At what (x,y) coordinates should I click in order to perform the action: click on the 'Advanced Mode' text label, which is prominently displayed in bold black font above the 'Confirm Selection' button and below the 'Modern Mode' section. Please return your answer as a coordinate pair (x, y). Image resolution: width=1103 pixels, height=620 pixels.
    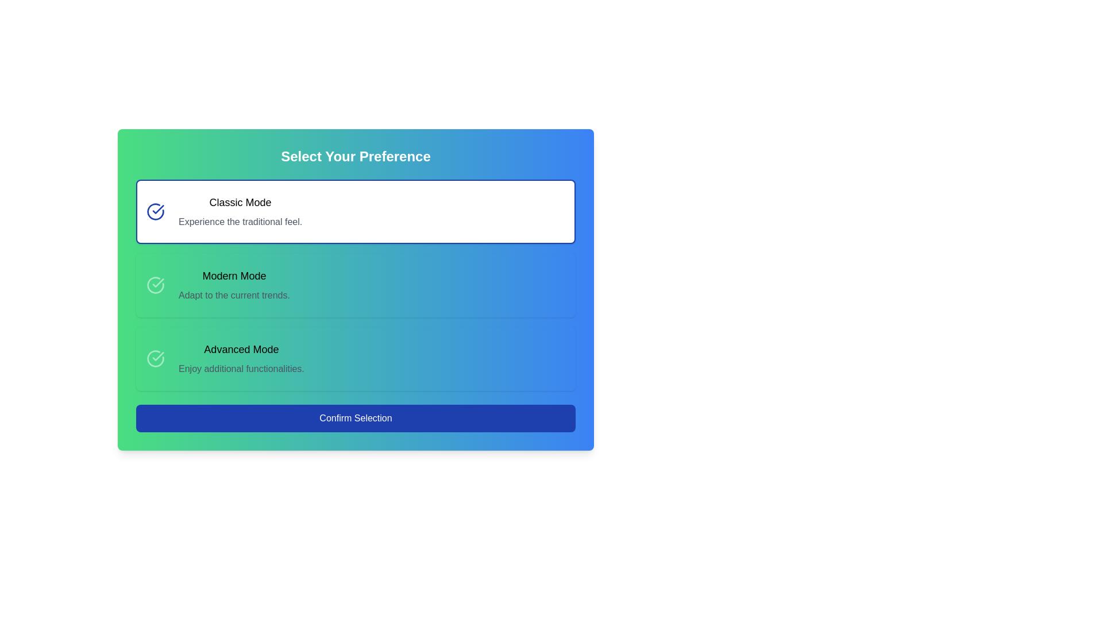
    Looking at the image, I should click on (241, 349).